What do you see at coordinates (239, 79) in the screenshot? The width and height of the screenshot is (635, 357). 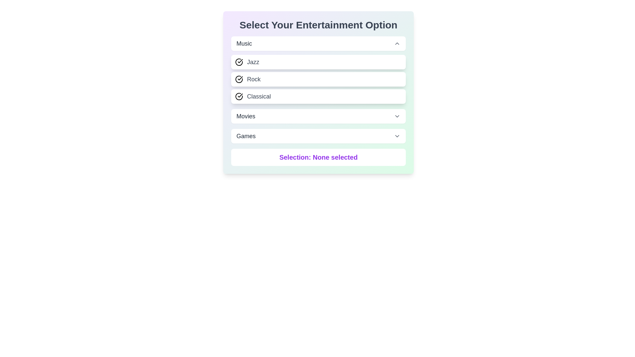 I see `the circular checkmark icon (checkmark indicator) located adjacent to the label 'Rock' in the selection row` at bounding box center [239, 79].